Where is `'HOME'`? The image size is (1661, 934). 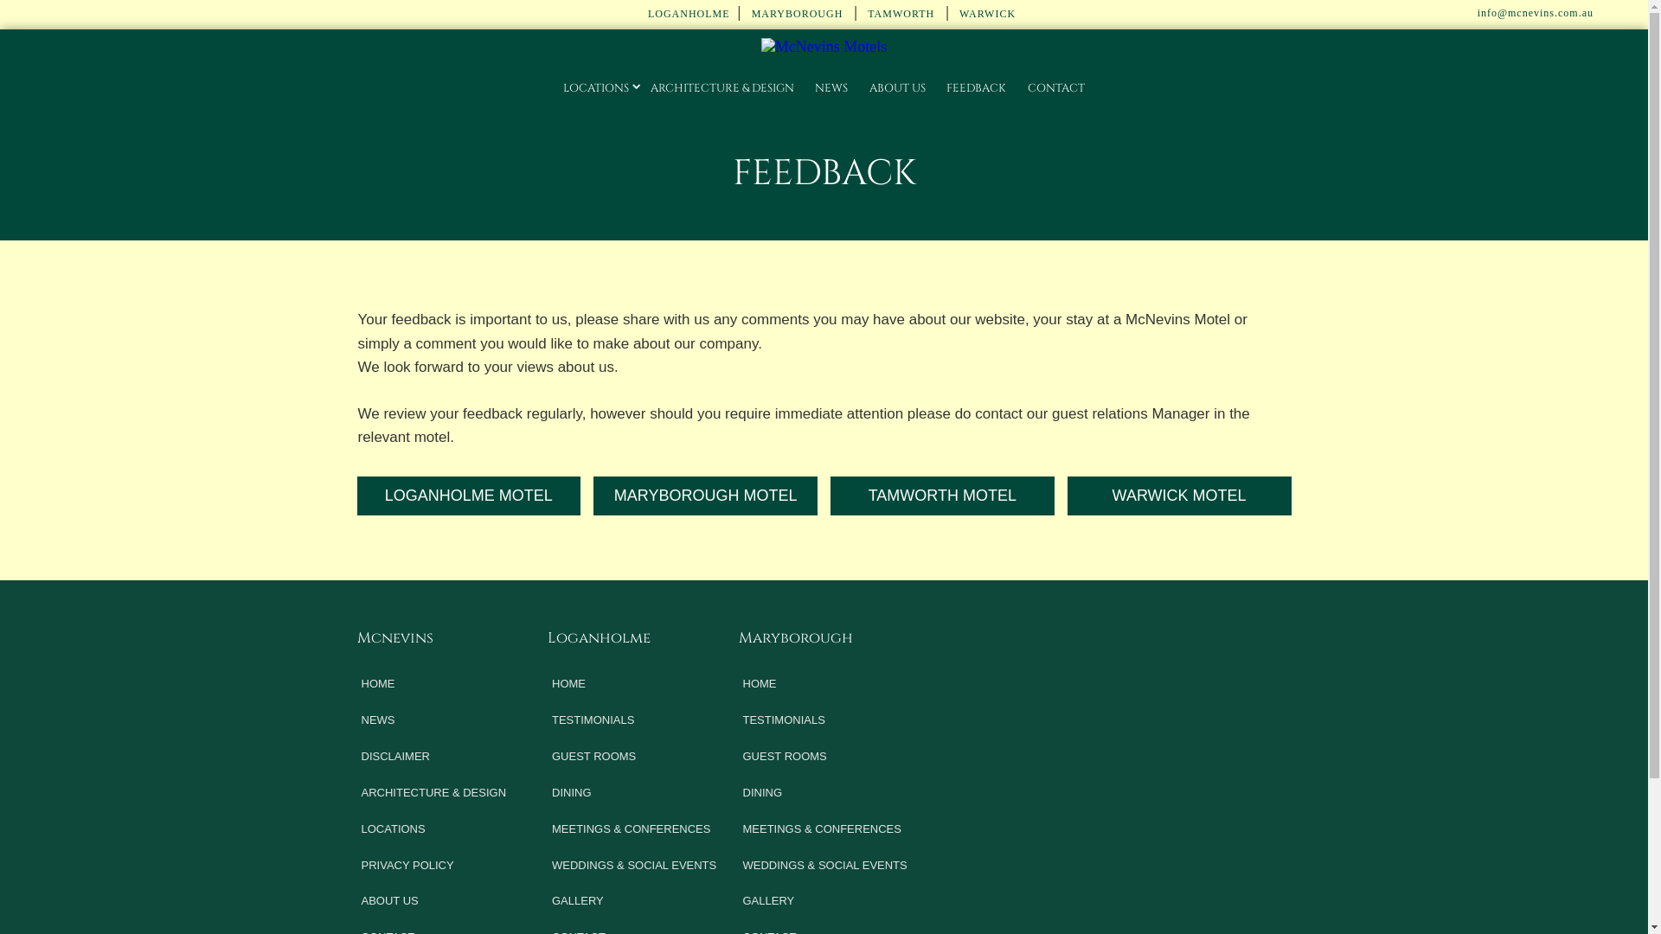 'HOME' is located at coordinates (834, 682).